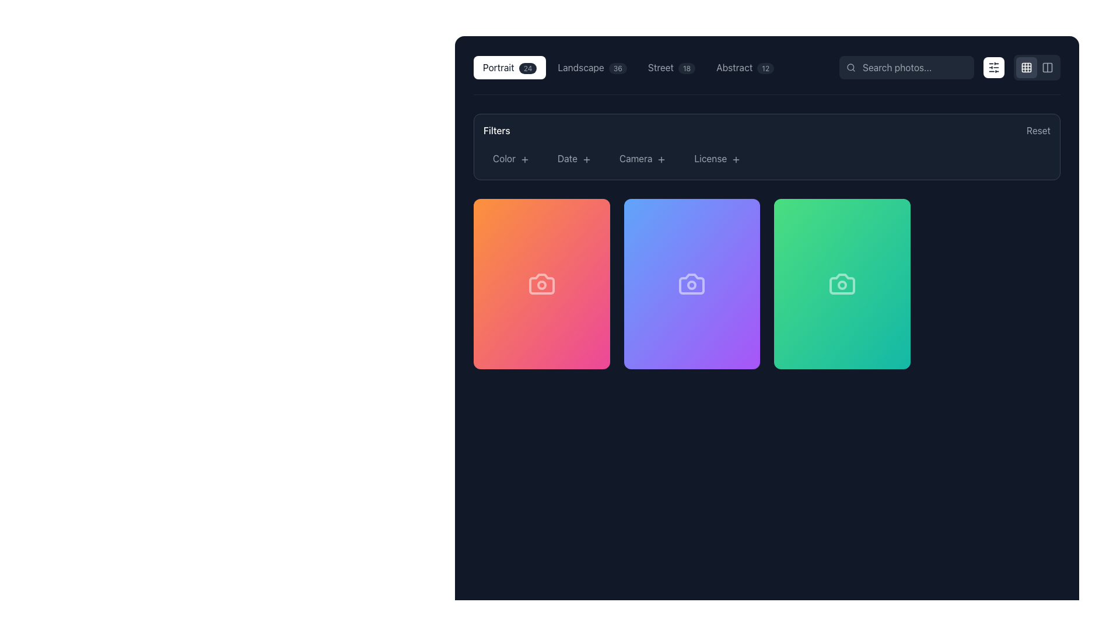 Image resolution: width=1120 pixels, height=630 pixels. Describe the element at coordinates (906, 67) in the screenshot. I see `the search input field with a magnifying glass icon and placeholder text 'Search photos...' to focus it` at that location.